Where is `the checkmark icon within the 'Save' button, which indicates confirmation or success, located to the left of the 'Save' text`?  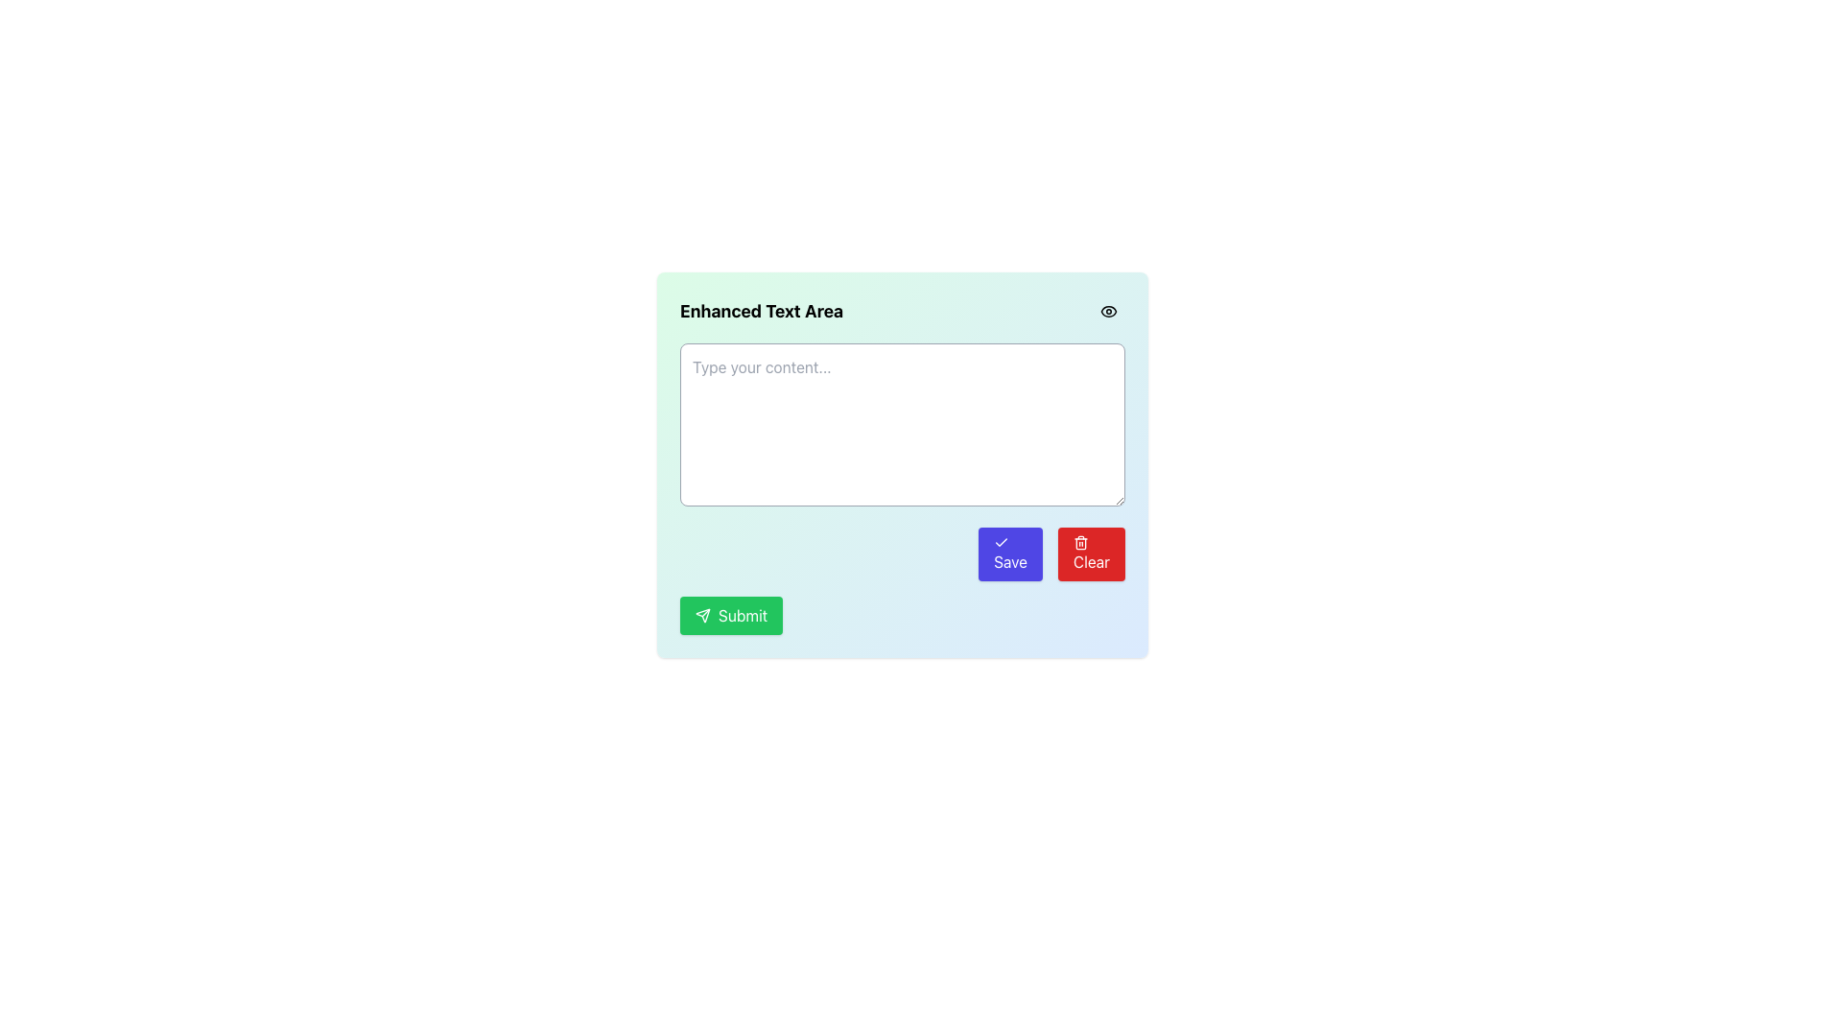 the checkmark icon within the 'Save' button, which indicates confirmation or success, located to the left of the 'Save' text is located at coordinates (1001, 543).